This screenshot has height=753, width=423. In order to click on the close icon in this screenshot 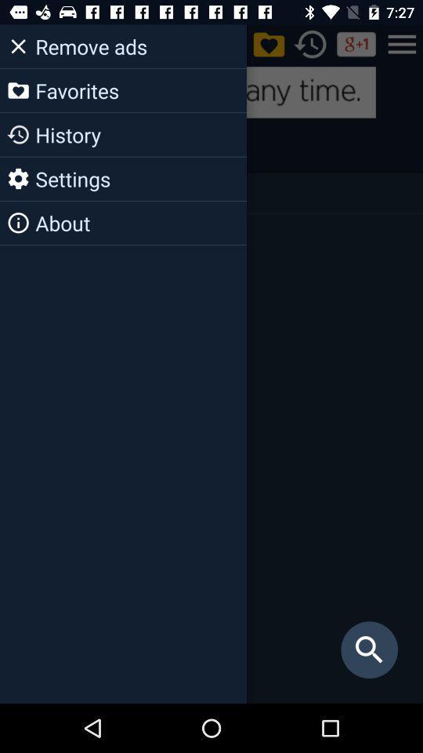, I will do `click(20, 43)`.